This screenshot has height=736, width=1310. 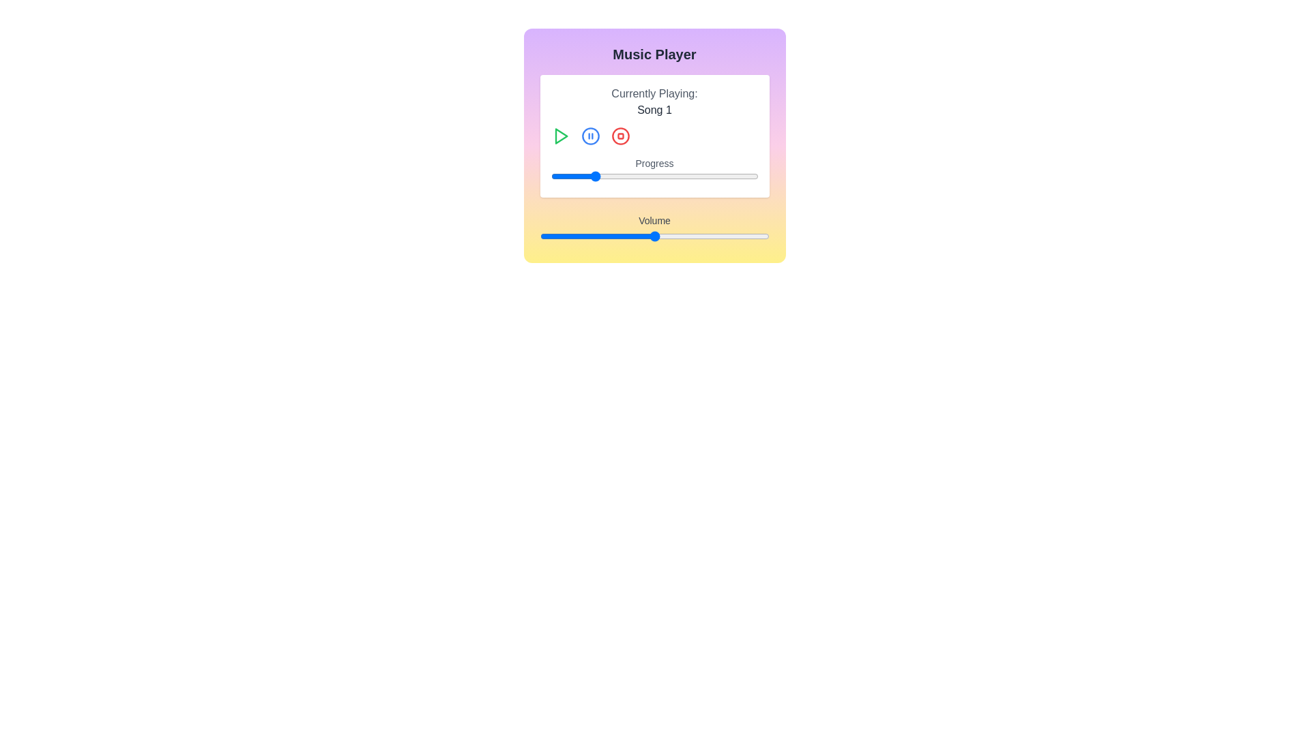 I want to click on the green play button to play the current song, so click(x=560, y=136).